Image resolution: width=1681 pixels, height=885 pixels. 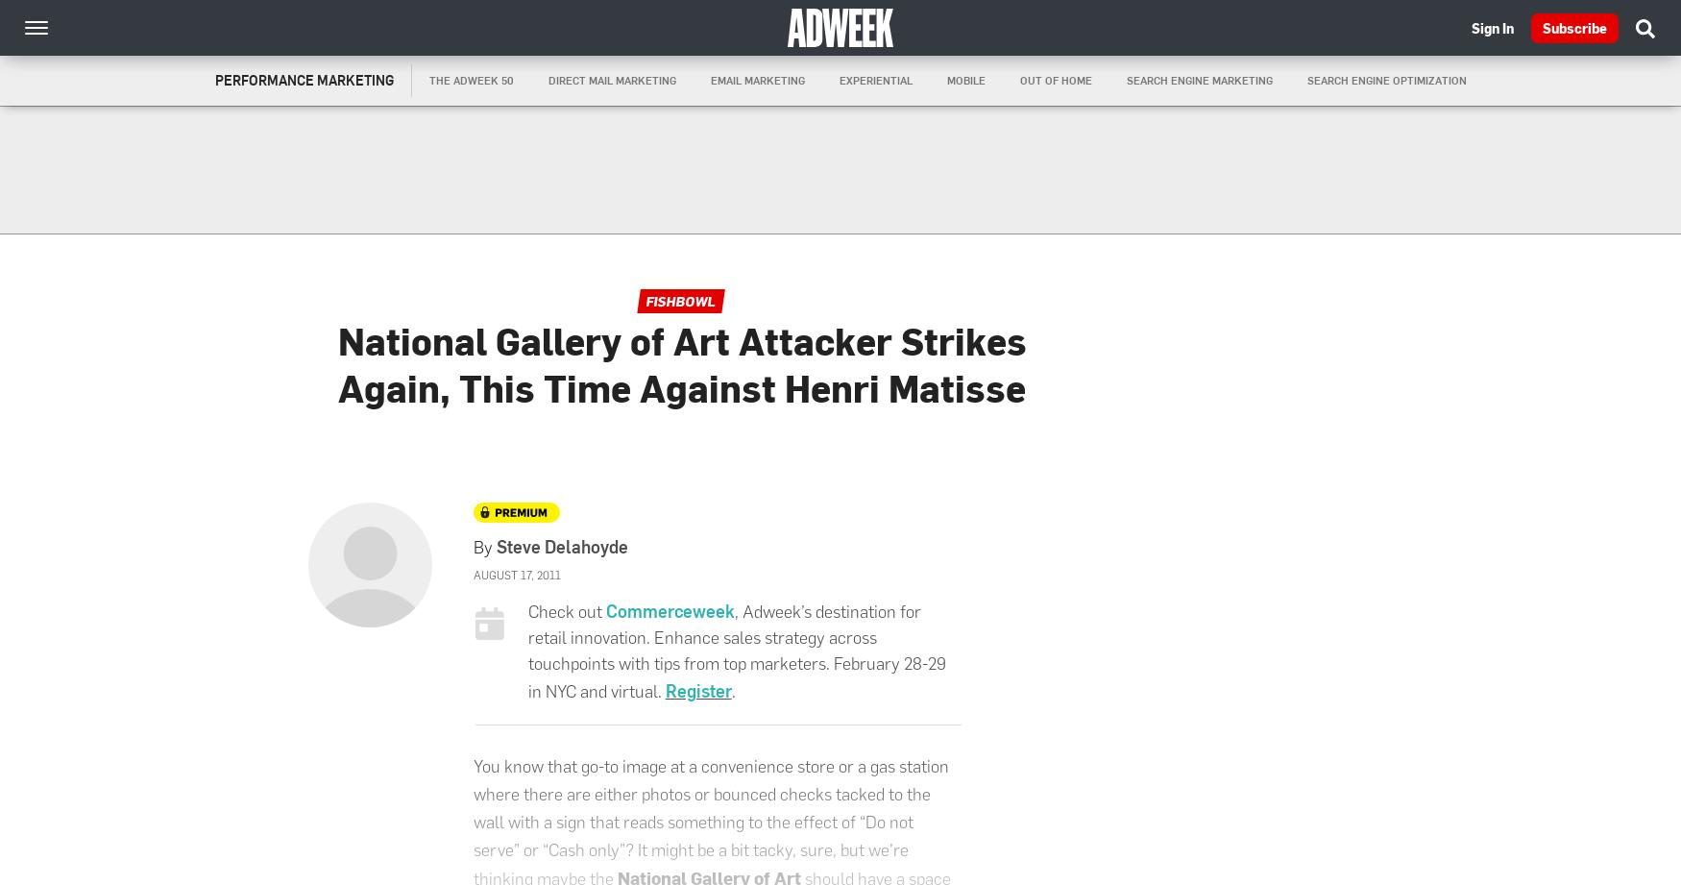 I want to click on '.', so click(x=732, y=692).